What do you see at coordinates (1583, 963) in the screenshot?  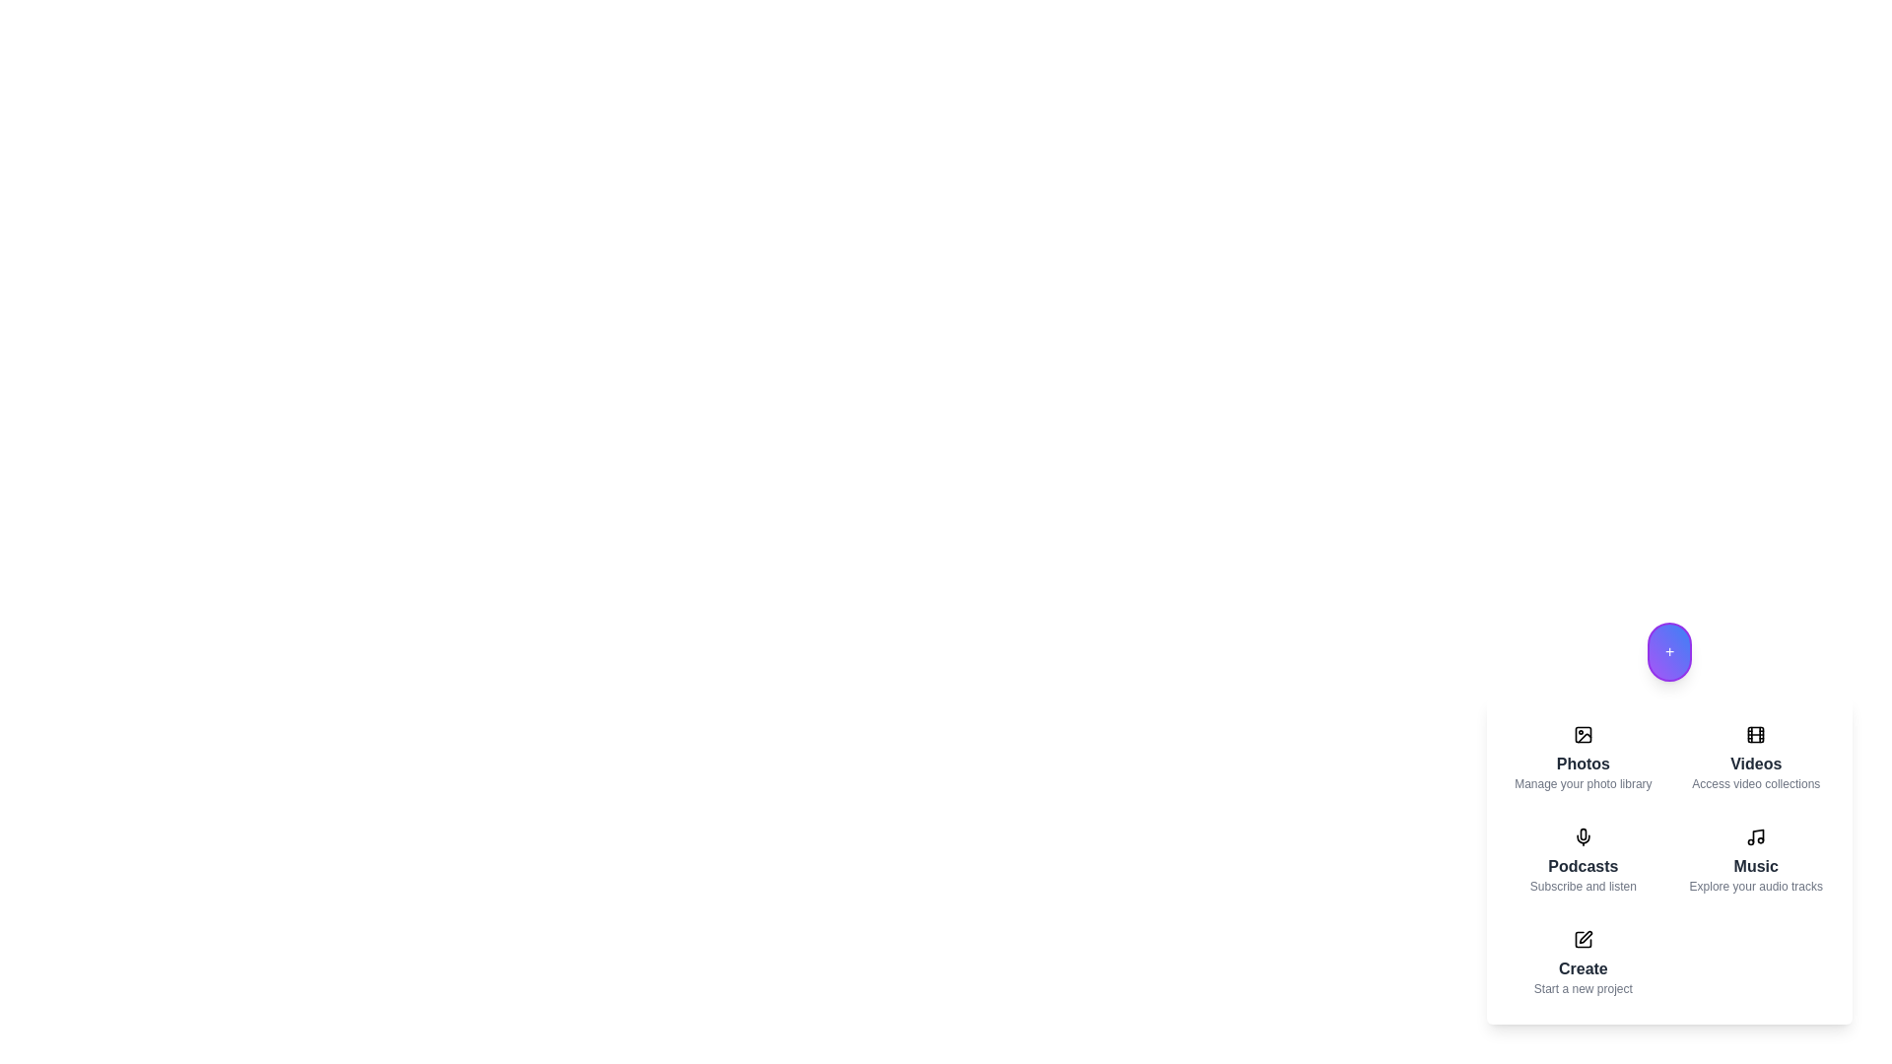 I see `the menu item labeled 'Create' to preview its description` at bounding box center [1583, 963].